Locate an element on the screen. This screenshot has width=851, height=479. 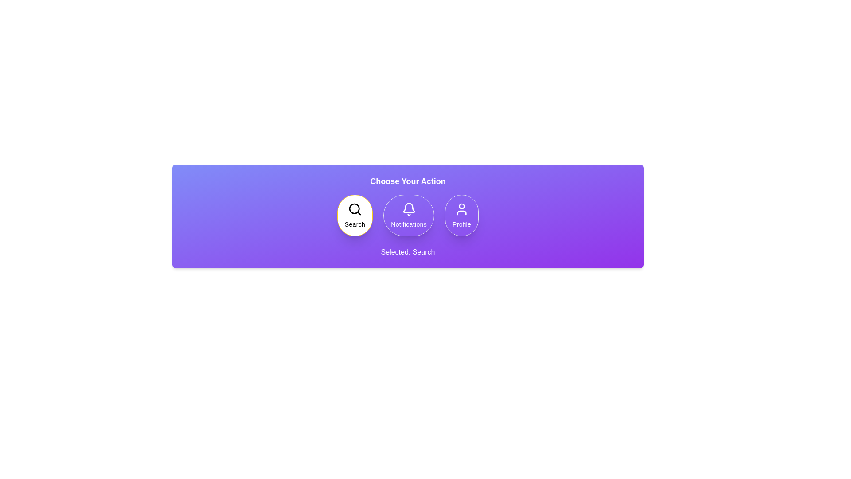
the option Notifications by clicking on its corresponding button is located at coordinates (408, 216).